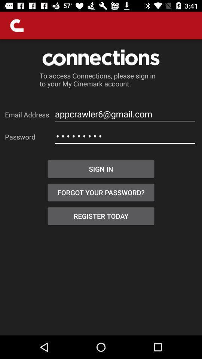 The width and height of the screenshot is (202, 359). I want to click on item to the right of the password item, so click(125, 136).